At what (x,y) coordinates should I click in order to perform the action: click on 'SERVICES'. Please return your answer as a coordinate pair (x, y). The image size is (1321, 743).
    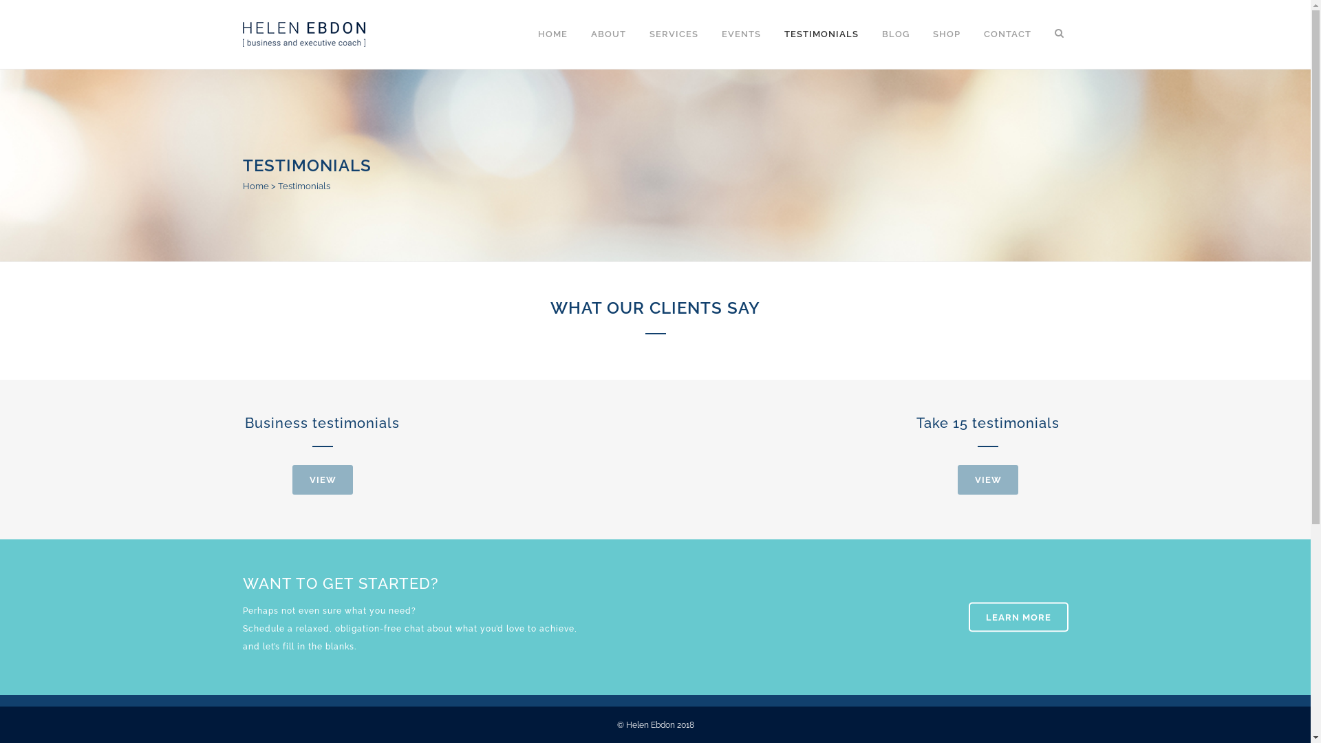
    Looking at the image, I should click on (673, 34).